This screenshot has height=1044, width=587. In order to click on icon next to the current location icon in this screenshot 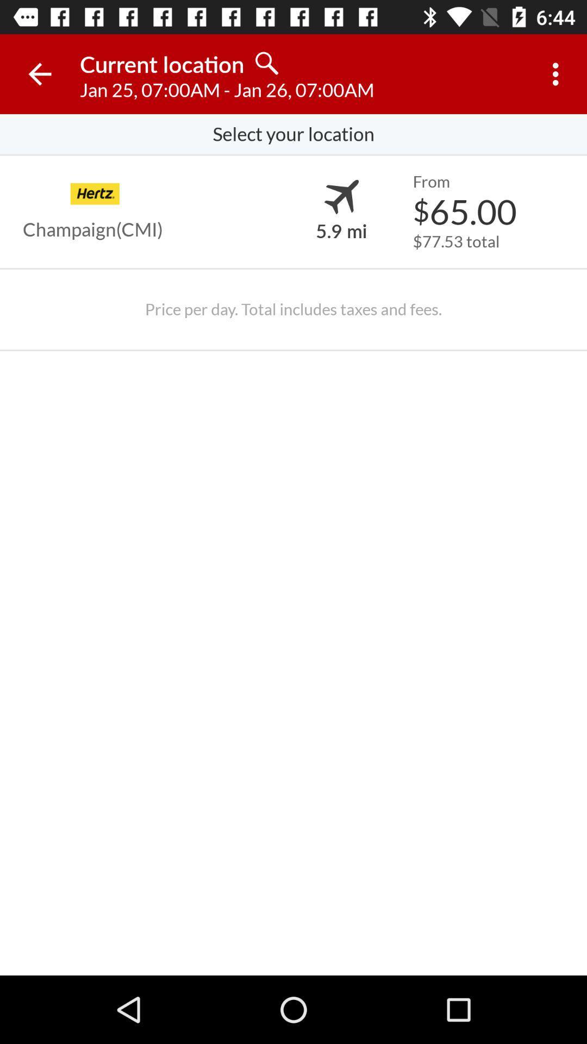, I will do `click(39, 73)`.